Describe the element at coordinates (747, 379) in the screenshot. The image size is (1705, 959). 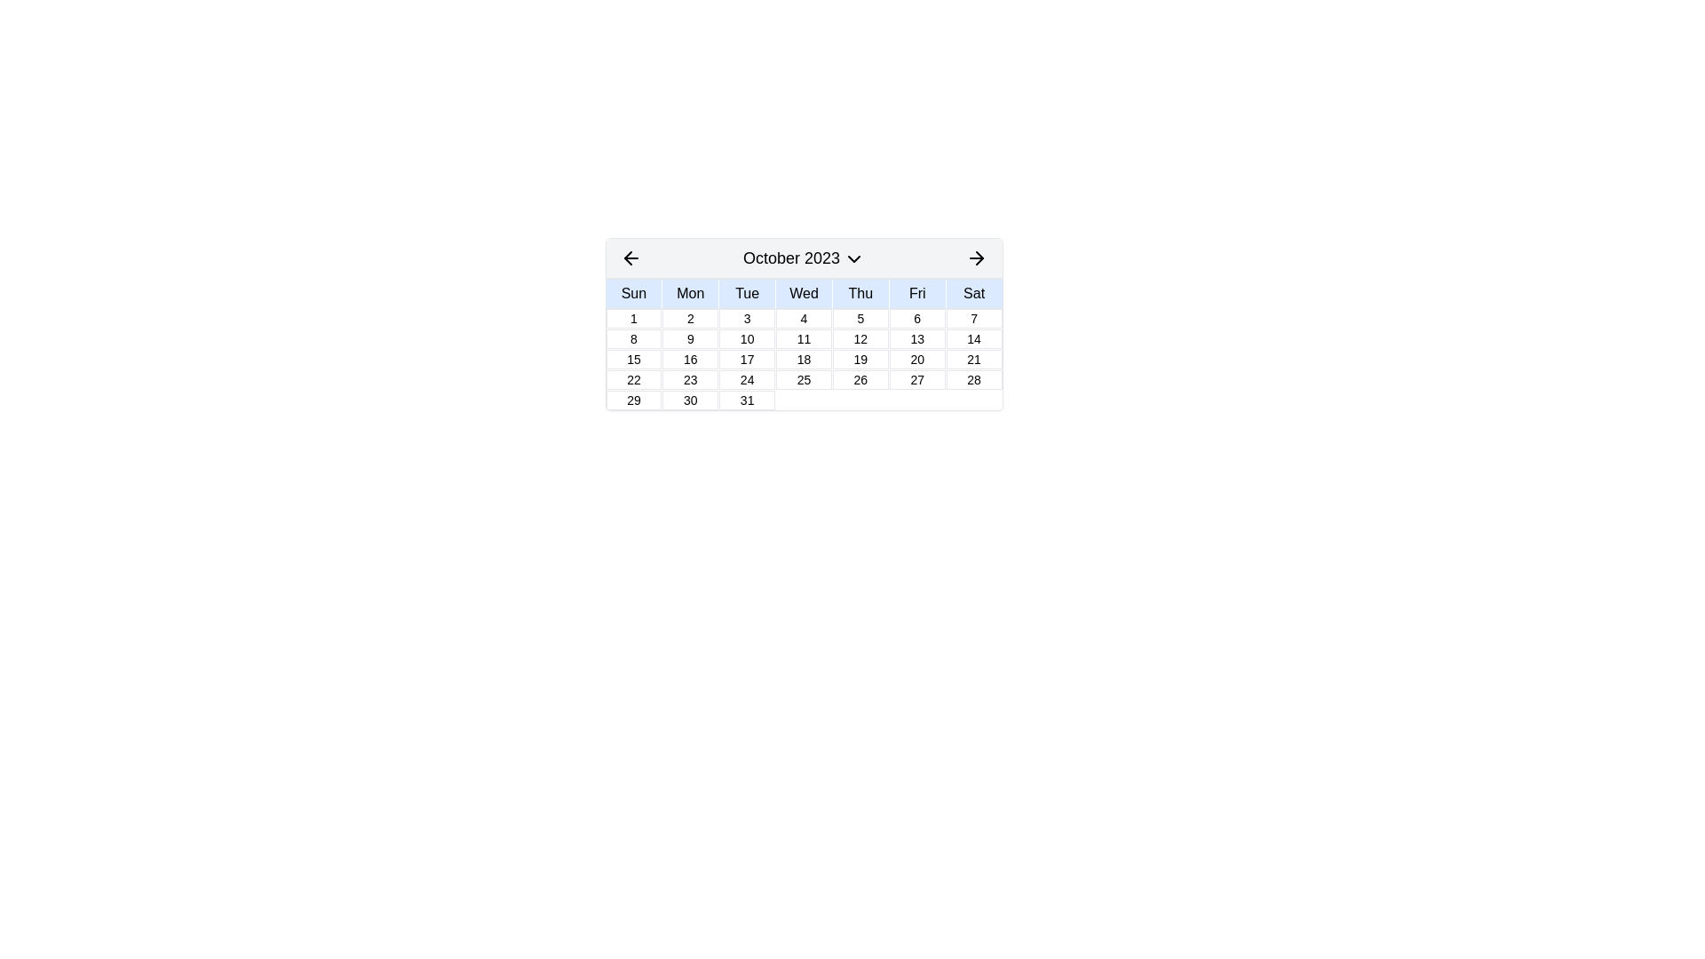
I see `the '24' day number within the calendar month view` at that location.